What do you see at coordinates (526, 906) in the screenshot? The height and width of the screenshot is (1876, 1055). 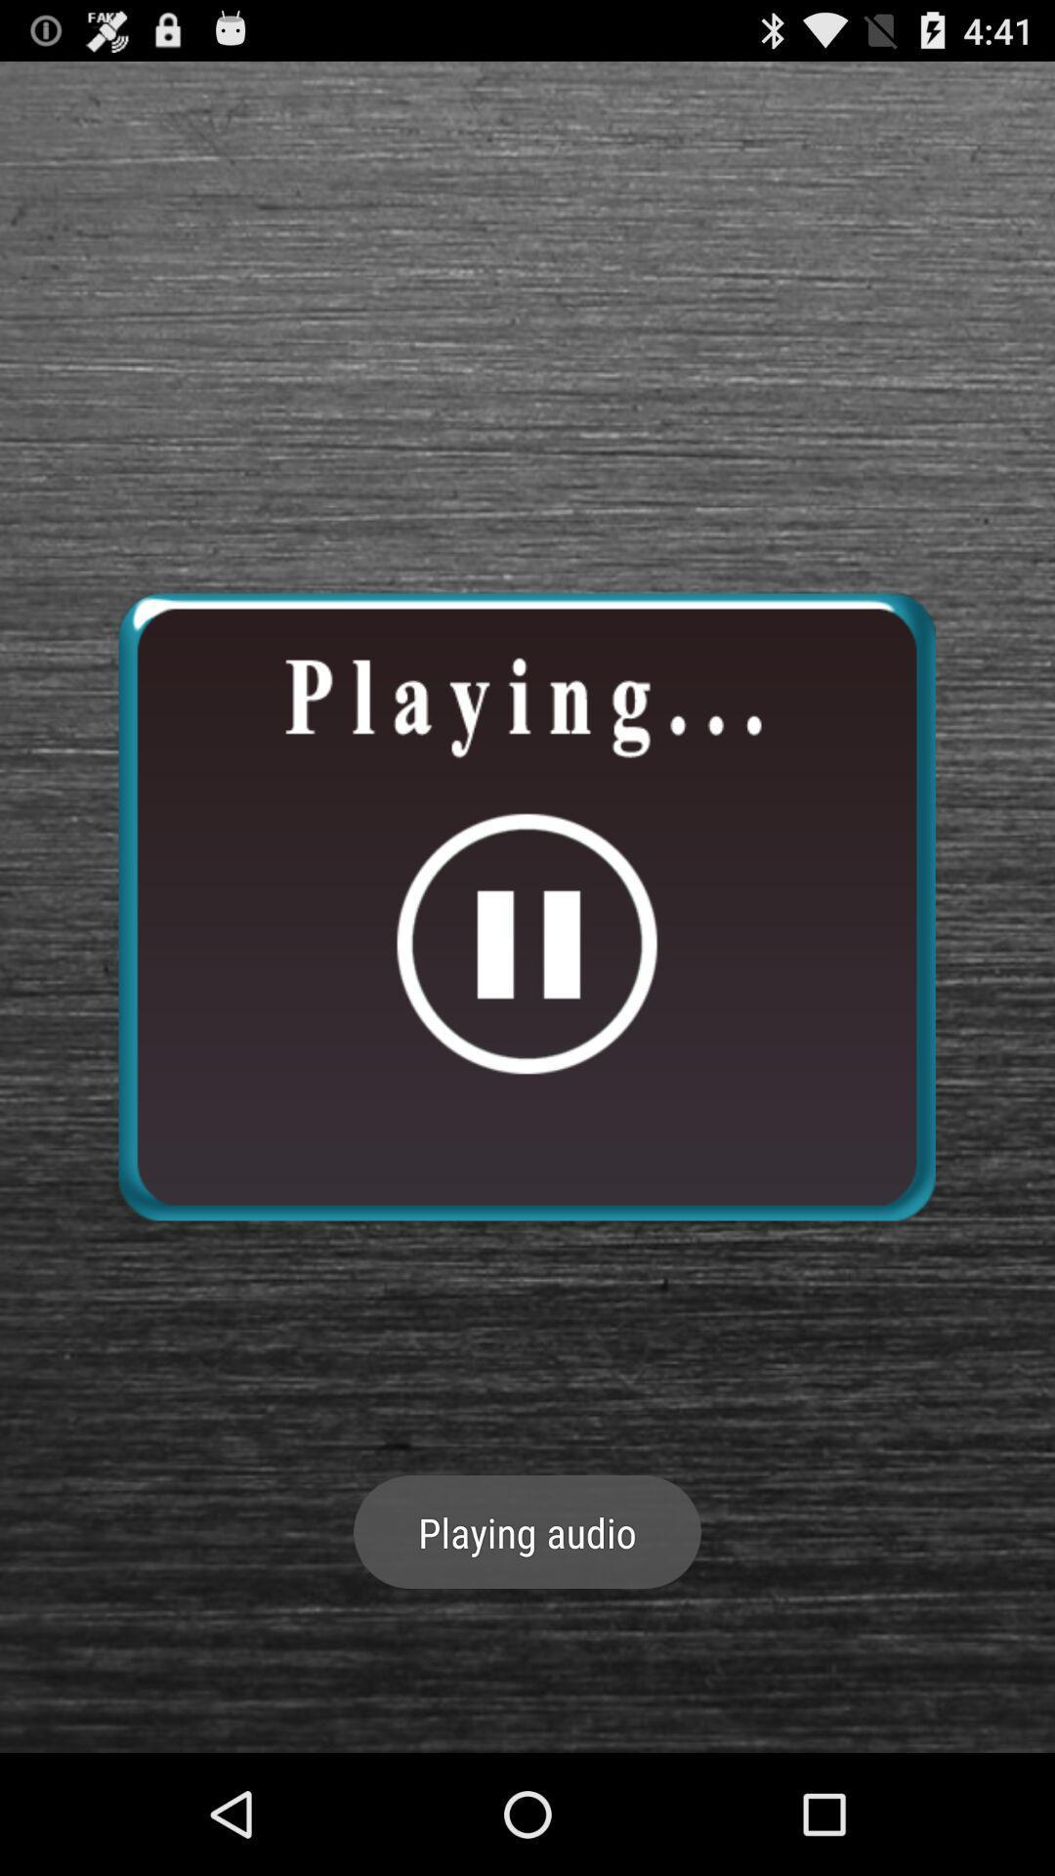 I see `button` at bounding box center [526, 906].